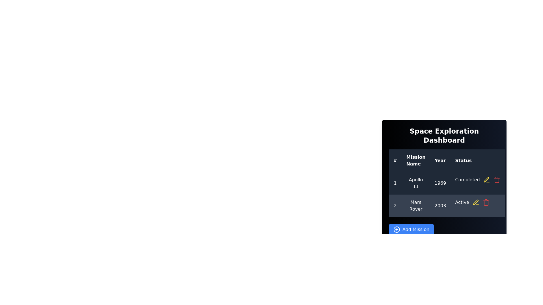 The width and height of the screenshot is (543, 305). Describe the element at coordinates (486, 180) in the screenshot. I see `the clickable edit icon represented by a minimalist yellow pen design located in the Status column of the first row in the Space Exploration Dashboard table` at that location.